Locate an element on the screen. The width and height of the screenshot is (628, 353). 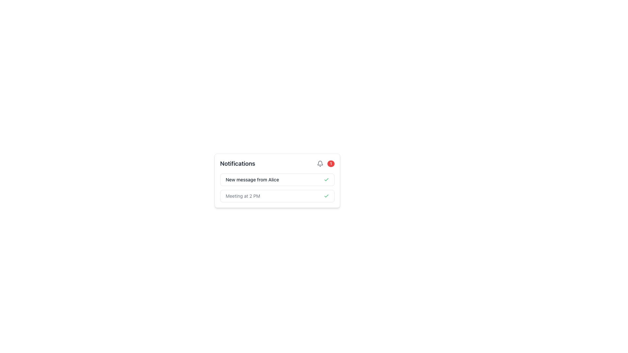
the notification bell icon located is located at coordinates (320, 163).